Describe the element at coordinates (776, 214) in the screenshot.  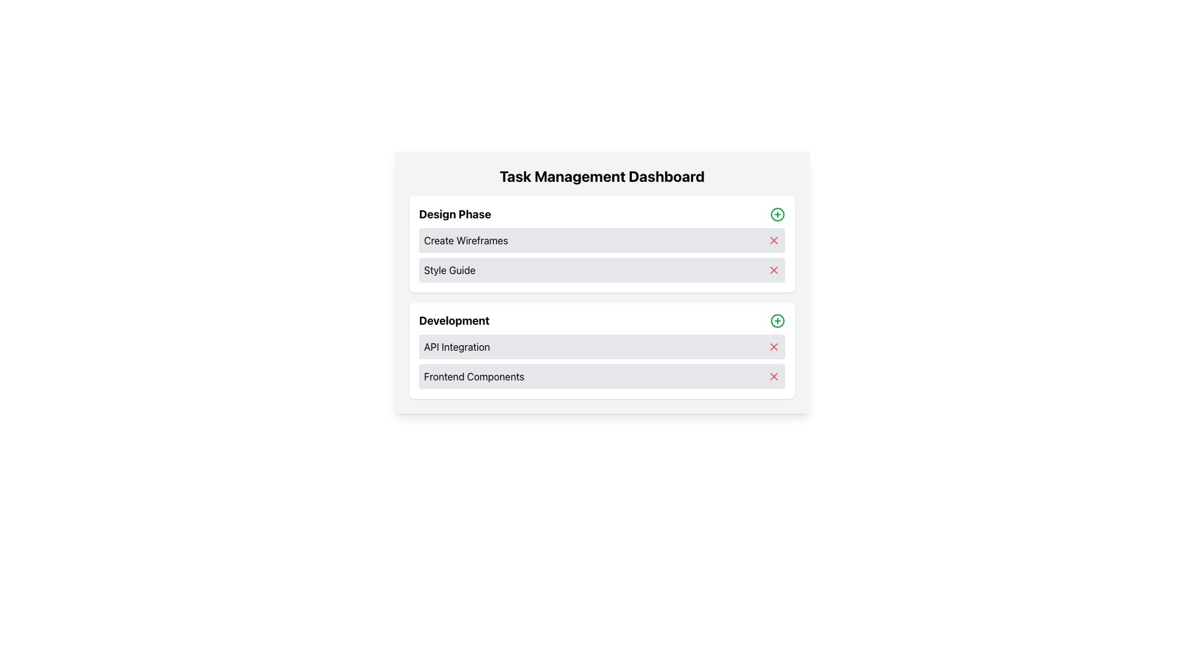
I see `the green circle plus icon located in the top-right corner of the 'Design Phase' section` at that location.